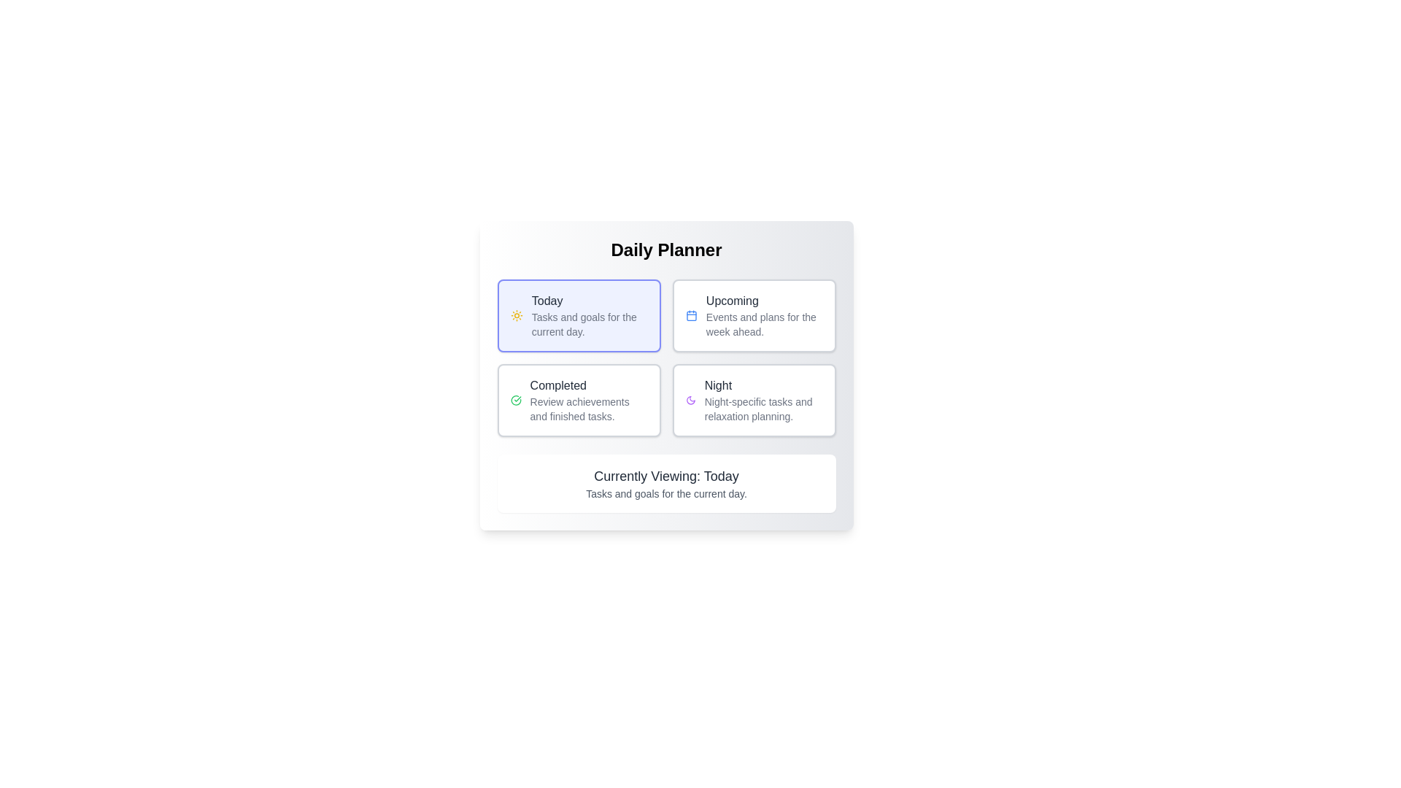  I want to click on the status indicator text block in the 'Daily Planner' interface that shows the current focus or tab, located at the lower part of the section and centered horizontally beneath the summary blocks, so click(665, 484).